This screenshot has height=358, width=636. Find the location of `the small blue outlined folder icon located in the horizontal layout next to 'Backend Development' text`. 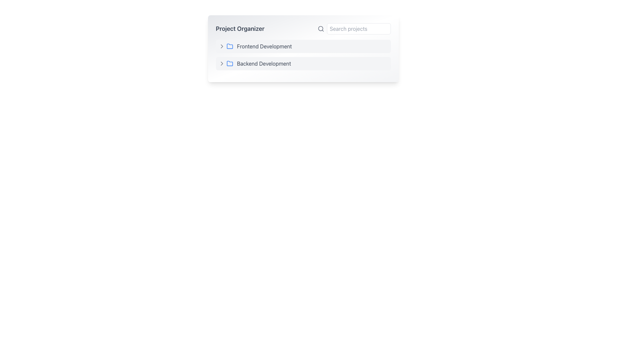

the small blue outlined folder icon located in the horizontal layout next to 'Backend Development' text is located at coordinates (230, 64).